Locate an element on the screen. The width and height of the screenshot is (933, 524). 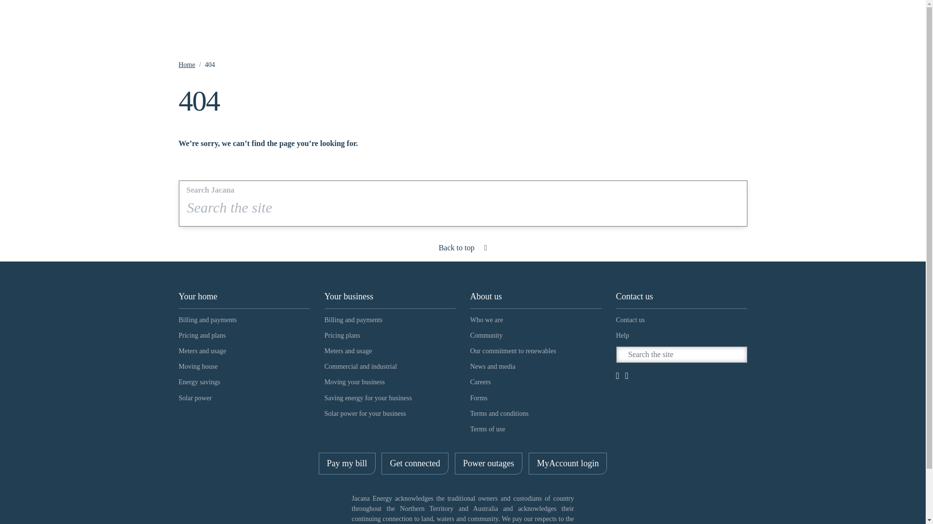
'Facebook' is located at coordinates (618, 376).